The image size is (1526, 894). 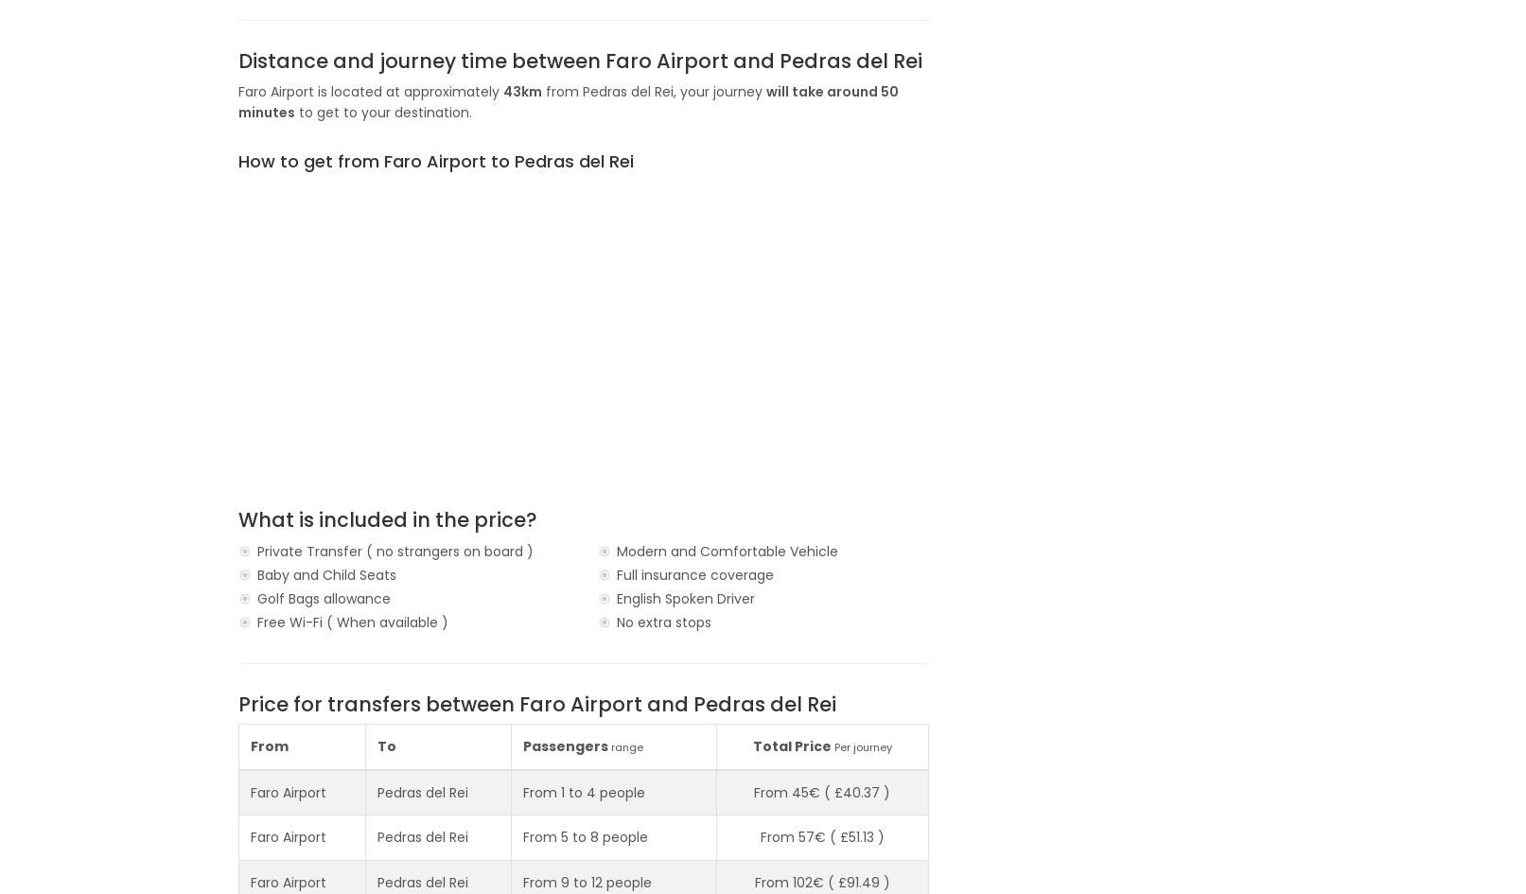 I want to click on 'Total Price', so click(x=791, y=745).